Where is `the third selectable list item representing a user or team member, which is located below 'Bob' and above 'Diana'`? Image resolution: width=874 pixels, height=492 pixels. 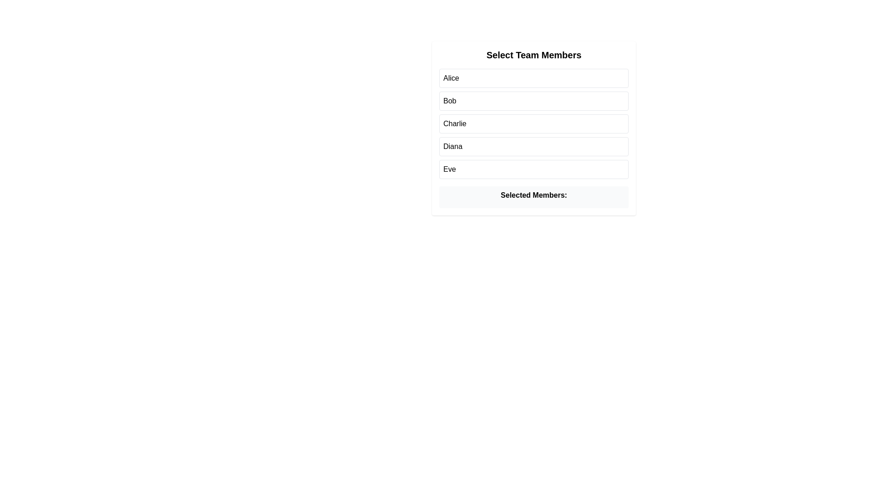 the third selectable list item representing a user or team member, which is located below 'Bob' and above 'Diana' is located at coordinates (534, 124).